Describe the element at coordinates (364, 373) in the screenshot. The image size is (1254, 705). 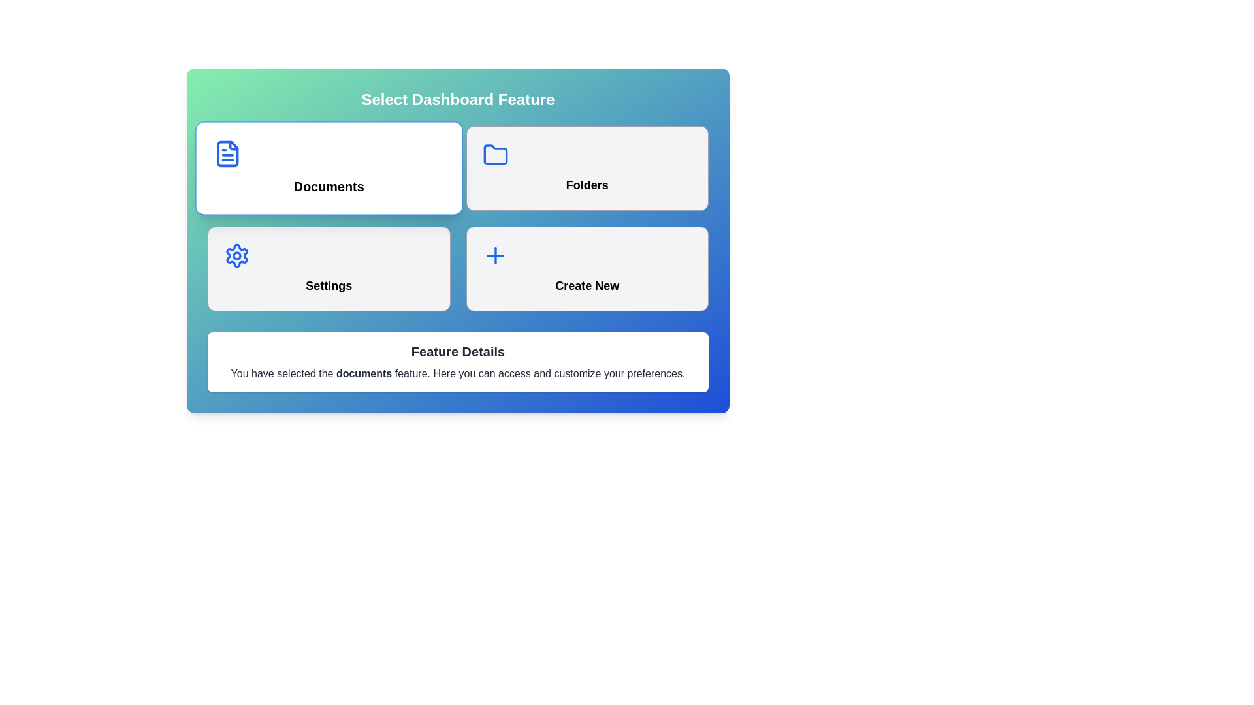
I see `the 'documents' feature by selecting the associated feature it describes in the Feature Details section` at that location.